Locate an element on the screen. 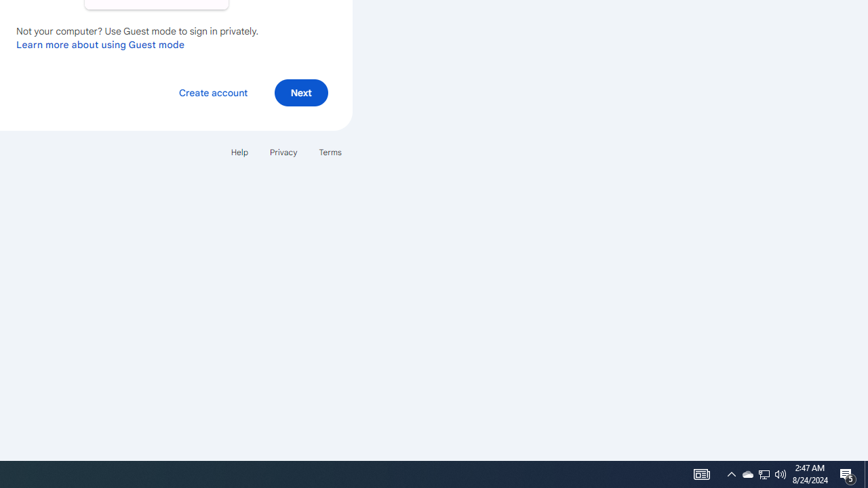 Image resolution: width=868 pixels, height=488 pixels. 'Create account' is located at coordinates (212, 91).